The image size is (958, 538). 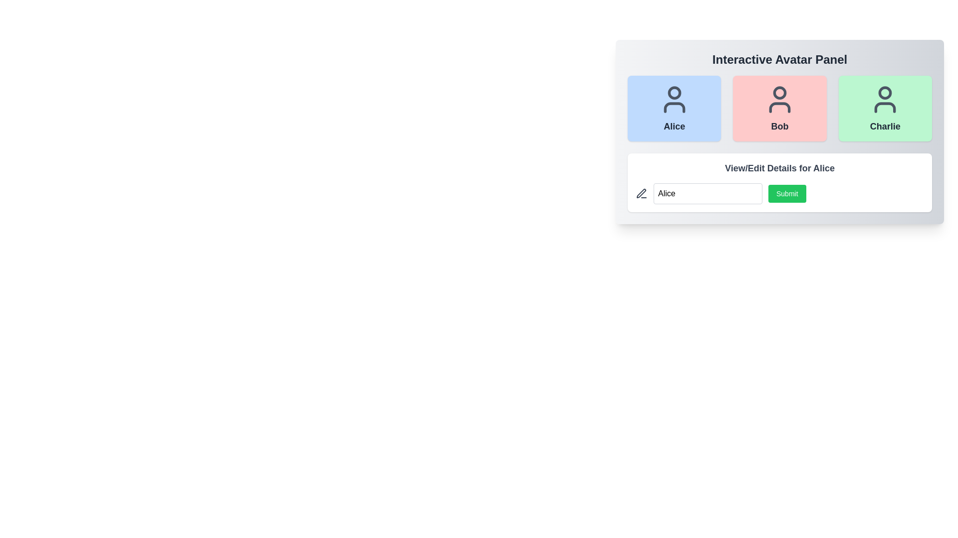 What do you see at coordinates (779, 100) in the screenshot?
I see `the user profile icon represented by a circular head above a semi-circular body, which is located in the middle column of the 'Interactive Avatar Panel' and labeled 'Bob'` at bounding box center [779, 100].